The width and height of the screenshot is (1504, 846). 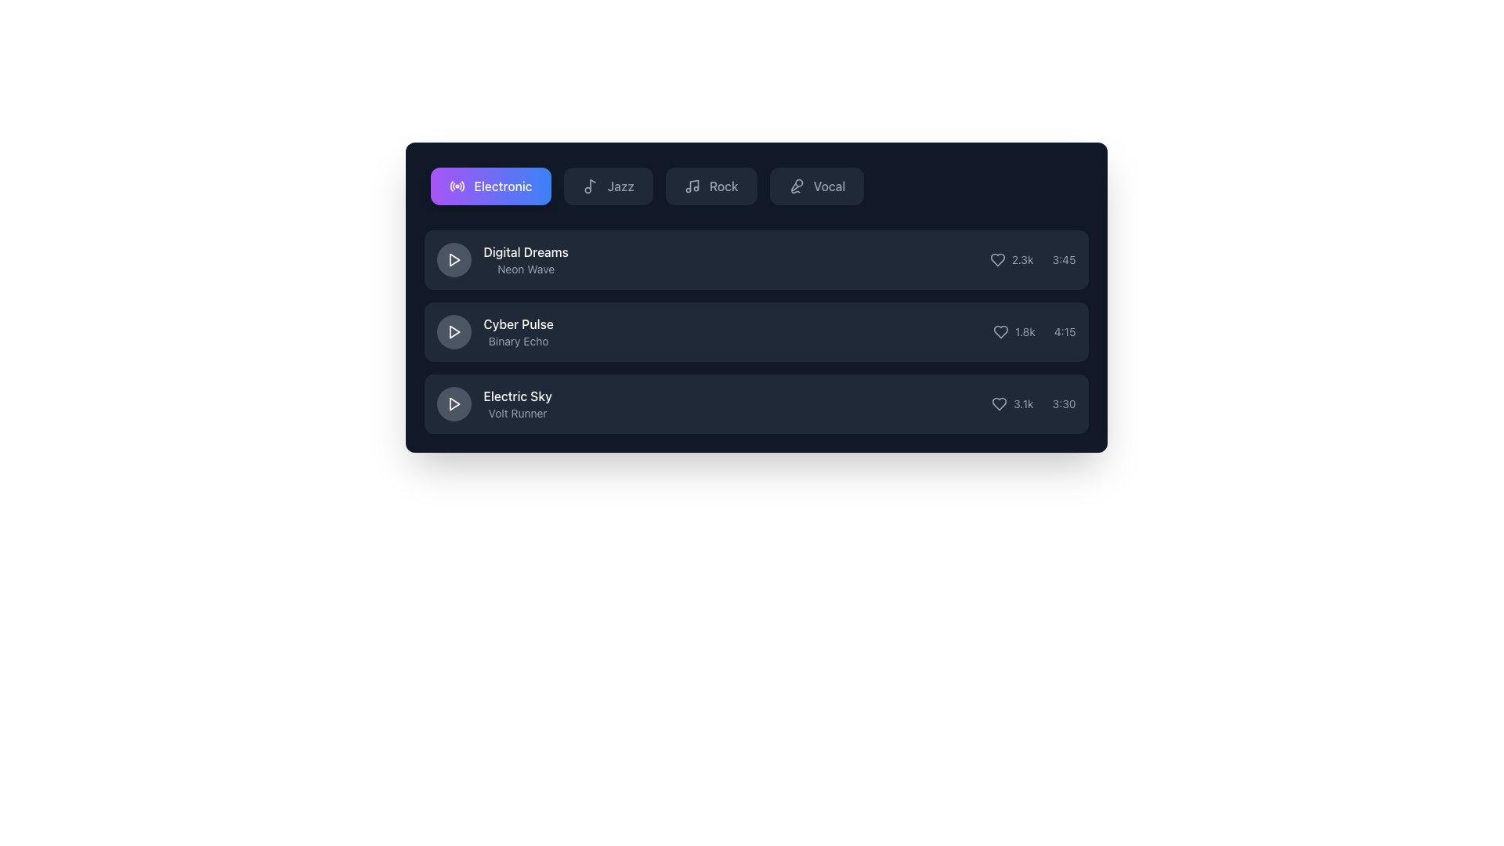 What do you see at coordinates (1011, 258) in the screenshot?
I see `the likes or favorites icon and text combination for the 'Digital Dreams' entry, located in the first row of the list, adjacent to the duration indicator ('3:45')` at bounding box center [1011, 258].